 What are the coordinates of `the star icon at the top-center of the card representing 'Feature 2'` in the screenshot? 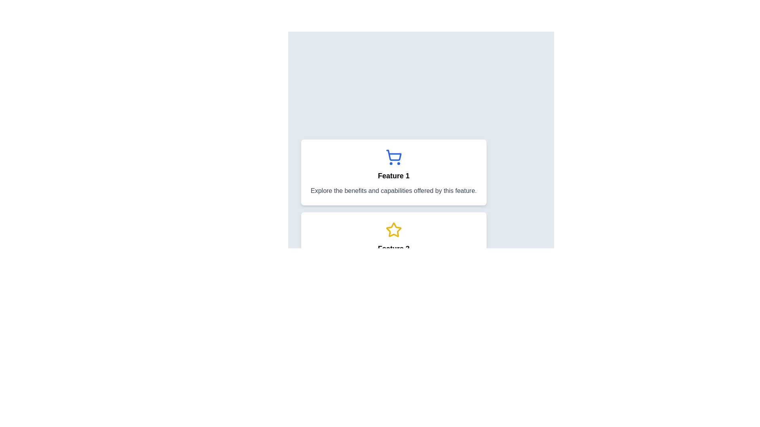 It's located at (393, 230).